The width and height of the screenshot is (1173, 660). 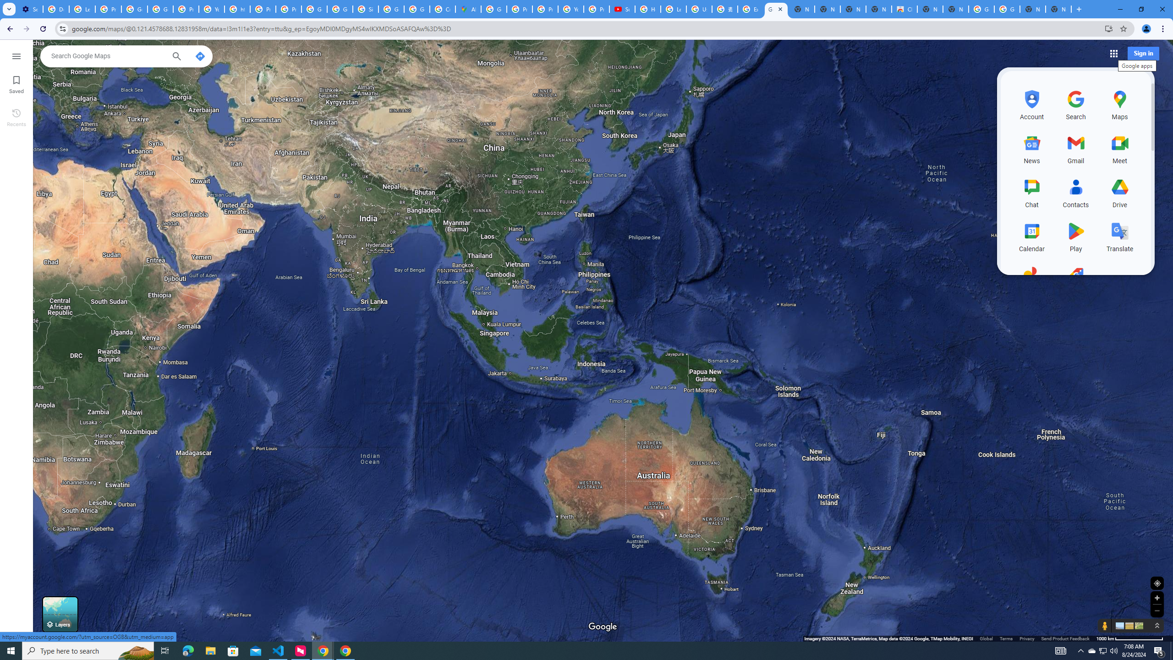 What do you see at coordinates (1109, 28) in the screenshot?
I see `'Install Google Maps'` at bounding box center [1109, 28].